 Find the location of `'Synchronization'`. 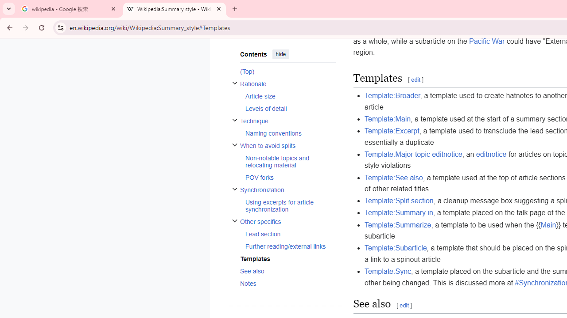

'Synchronization' is located at coordinates (287, 189).